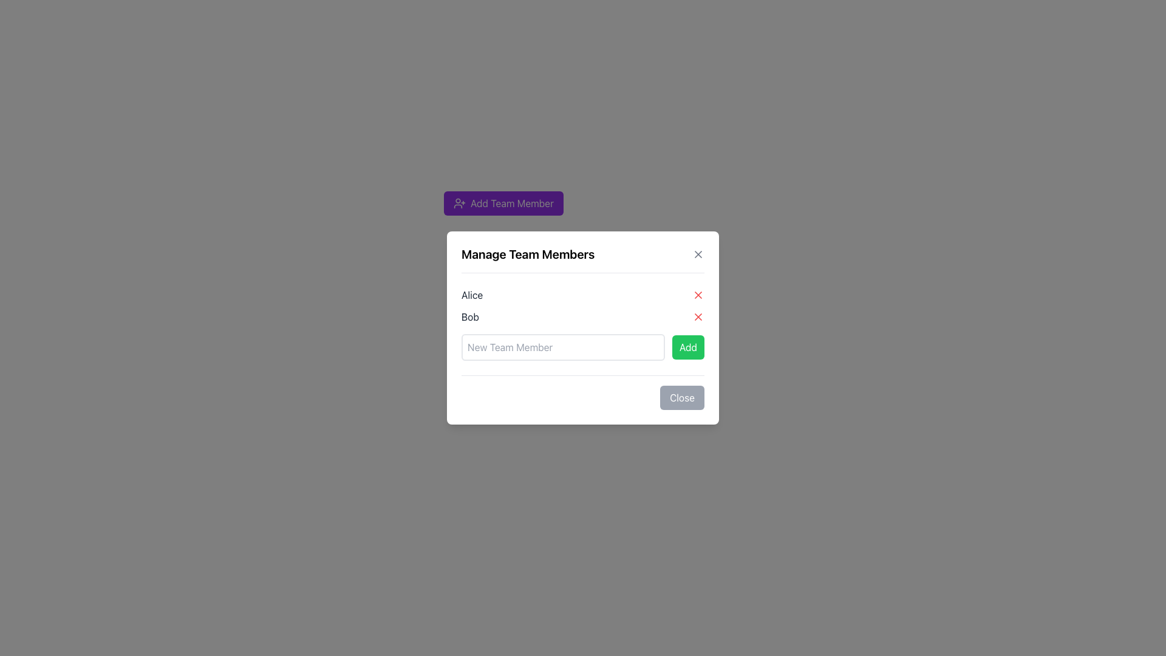 This screenshot has height=656, width=1166. Describe the element at coordinates (469, 316) in the screenshot. I see `the text label displaying the name 'Bob' in the 'Manage Team Members' modal dialog box` at that location.